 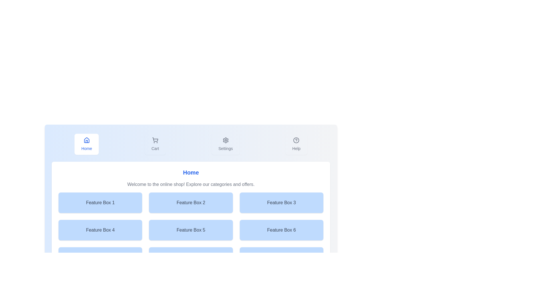 I want to click on the Help tab button to observe the hover effect, so click(x=296, y=144).